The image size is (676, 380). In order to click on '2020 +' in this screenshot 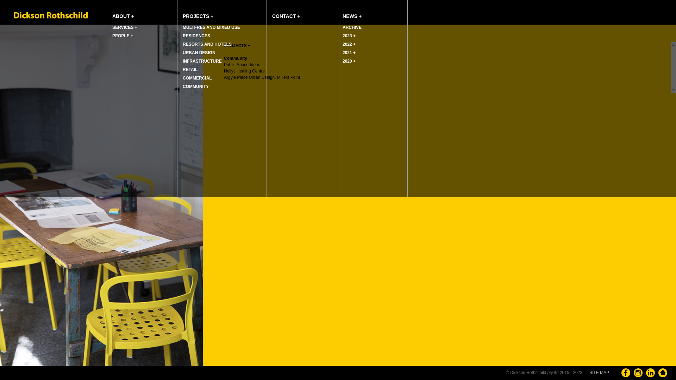, I will do `click(372, 61)`.